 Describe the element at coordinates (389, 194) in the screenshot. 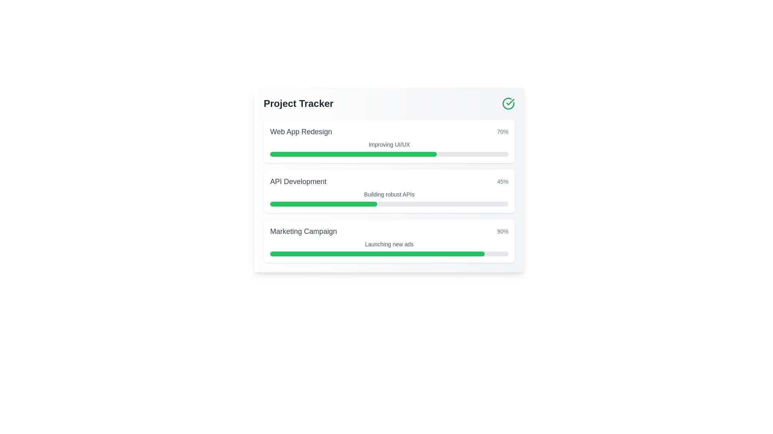

I see `the static text label that provides additional context for the 'API Development' entry in the project tracking section` at that location.